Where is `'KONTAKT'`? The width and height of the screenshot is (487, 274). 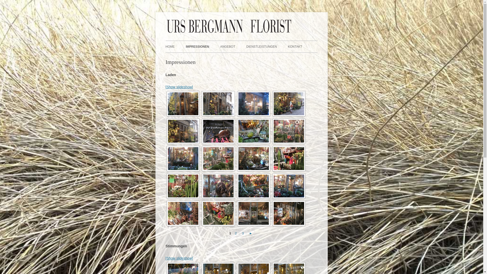
'KONTAKT' is located at coordinates (295, 47).